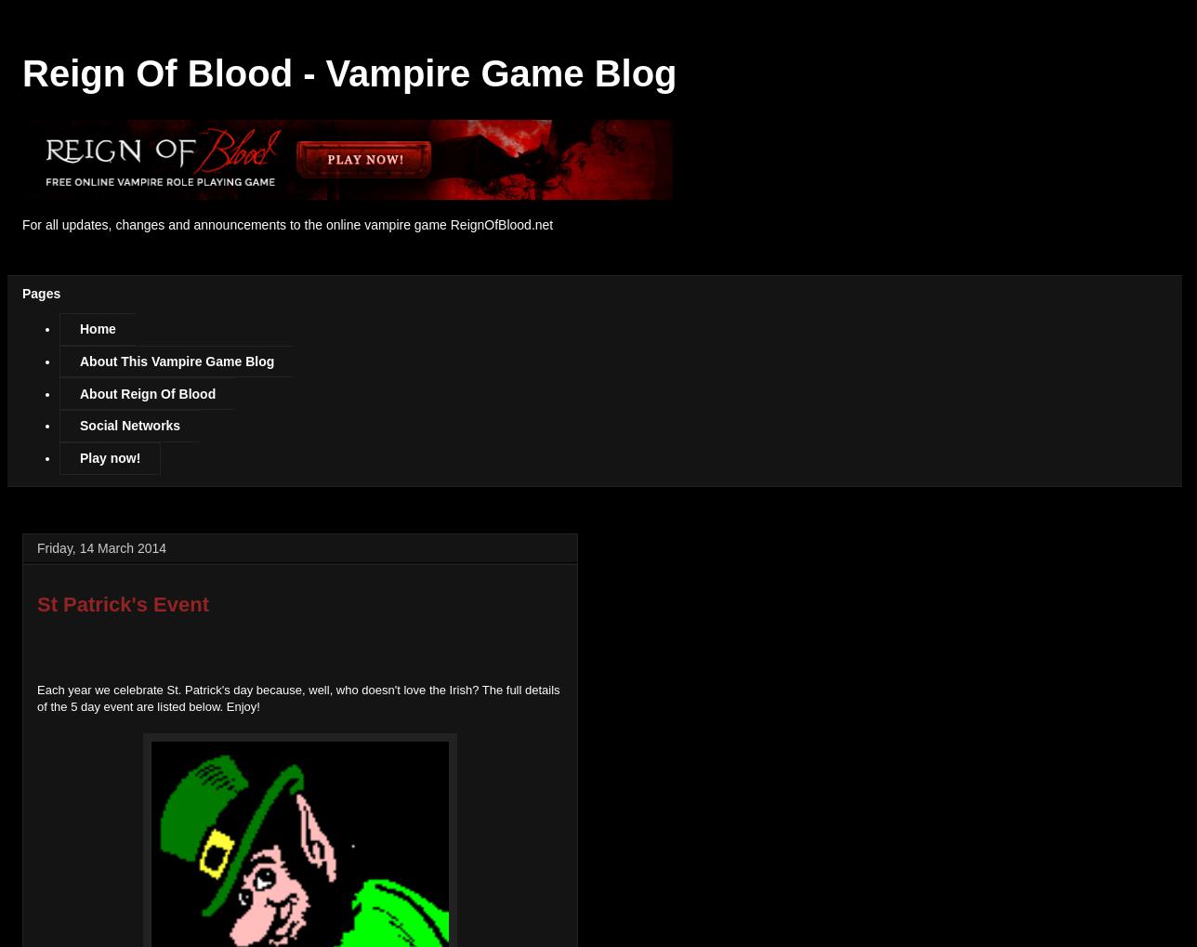  Describe the element at coordinates (41, 291) in the screenshot. I see `'Pages'` at that location.